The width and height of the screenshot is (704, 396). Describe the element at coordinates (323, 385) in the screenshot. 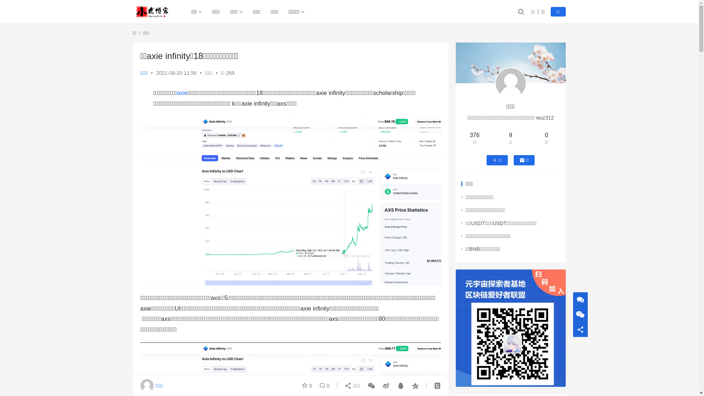

I see `'0'` at that location.